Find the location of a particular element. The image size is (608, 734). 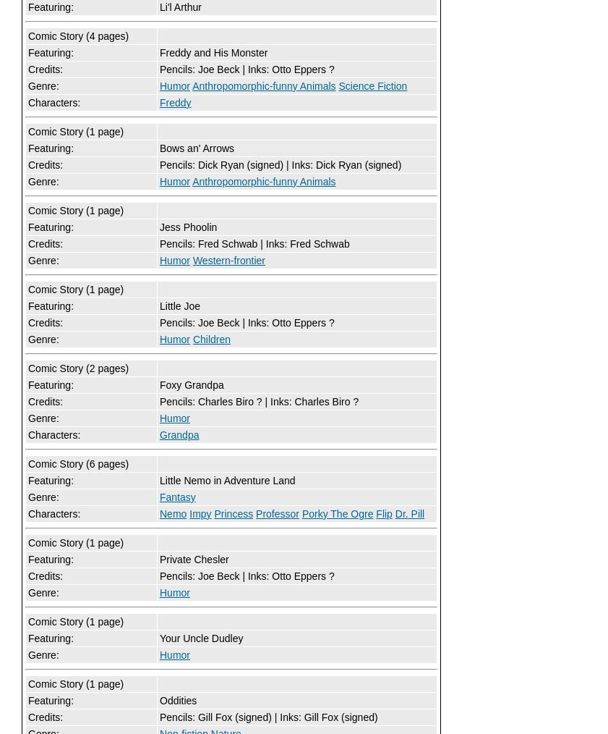

'Children' is located at coordinates (210, 339).